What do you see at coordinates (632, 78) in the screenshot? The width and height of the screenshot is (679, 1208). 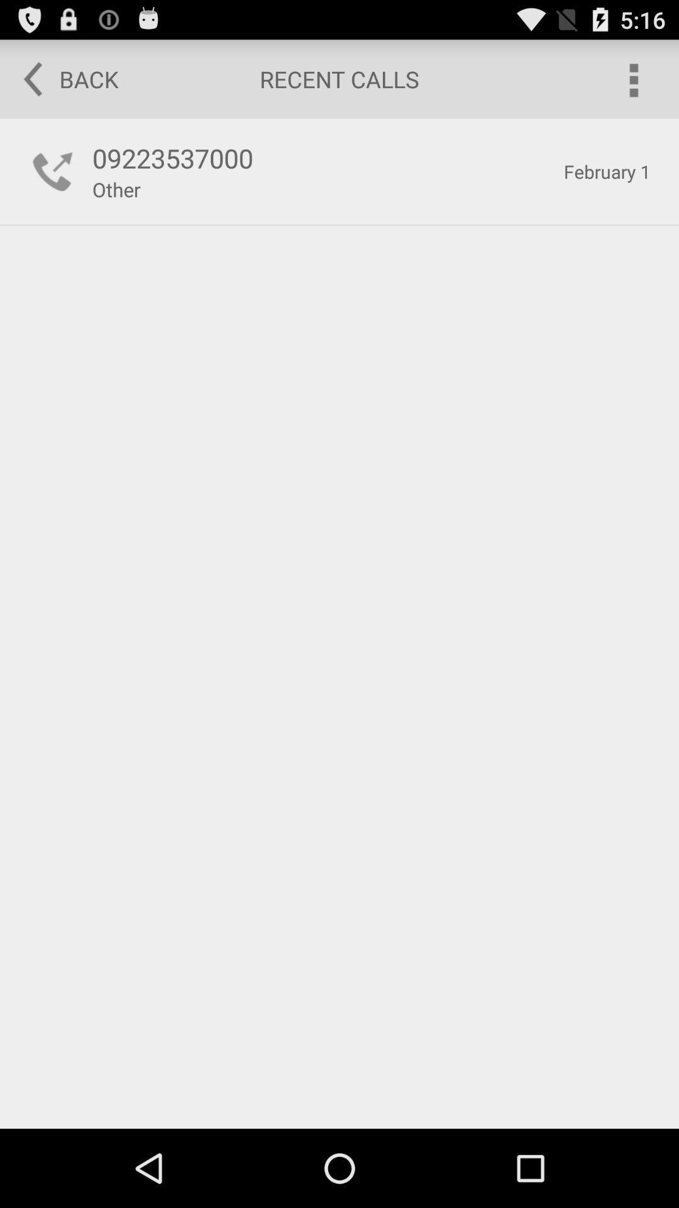 I see `open menu` at bounding box center [632, 78].